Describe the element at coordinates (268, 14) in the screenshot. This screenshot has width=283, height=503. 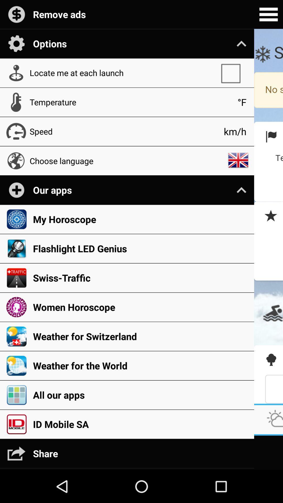
I see `icon next to the remove ads item` at that location.